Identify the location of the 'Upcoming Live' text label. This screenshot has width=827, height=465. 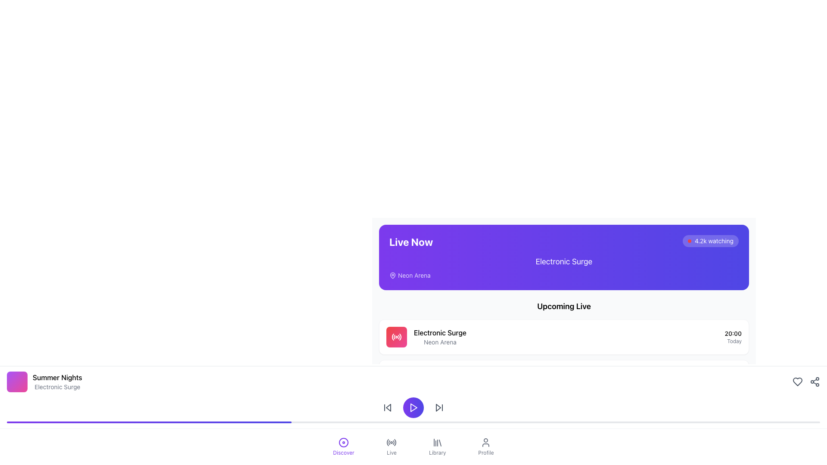
(564, 306).